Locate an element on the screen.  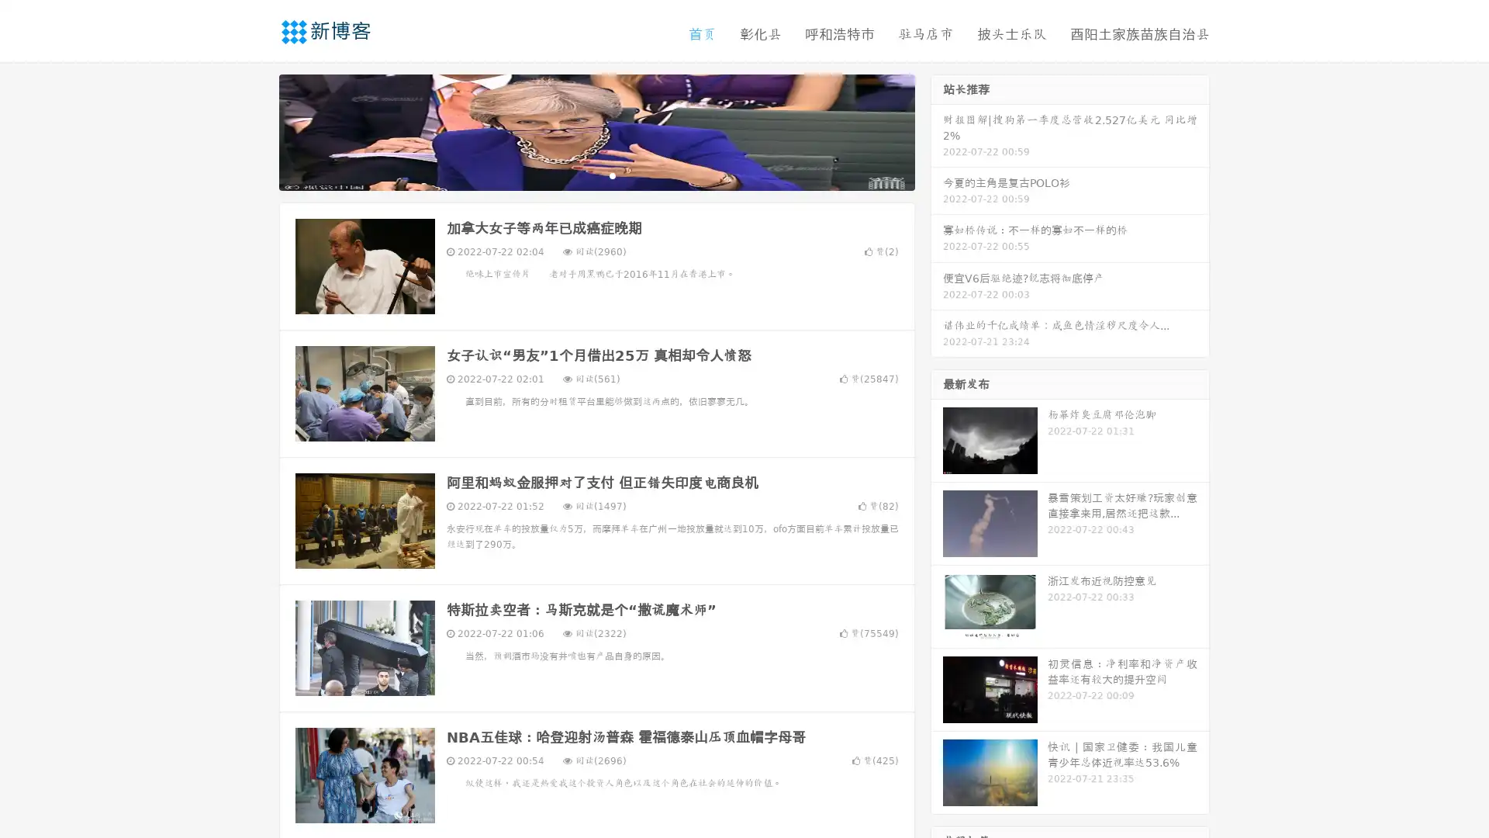
Go to slide 3 is located at coordinates (612, 175).